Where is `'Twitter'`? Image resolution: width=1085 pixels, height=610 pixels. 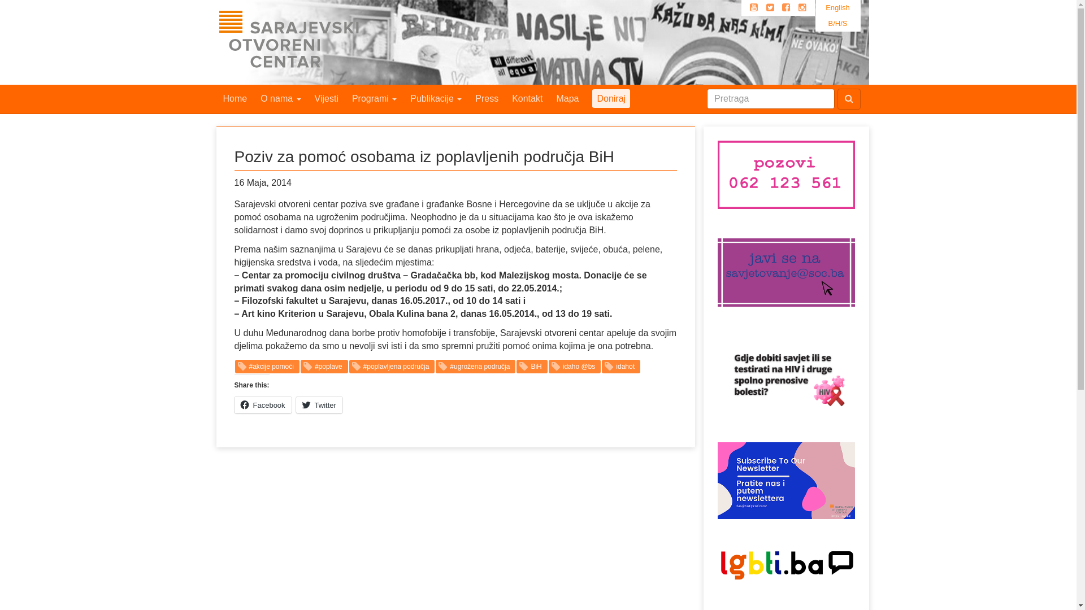
'Twitter' is located at coordinates (770, 8).